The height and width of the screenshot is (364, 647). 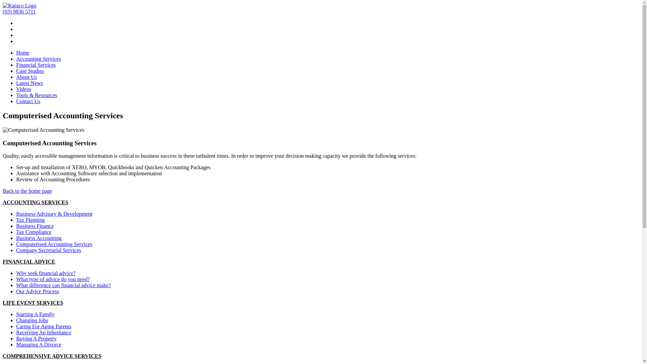 I want to click on 'Business Finance', so click(x=35, y=226).